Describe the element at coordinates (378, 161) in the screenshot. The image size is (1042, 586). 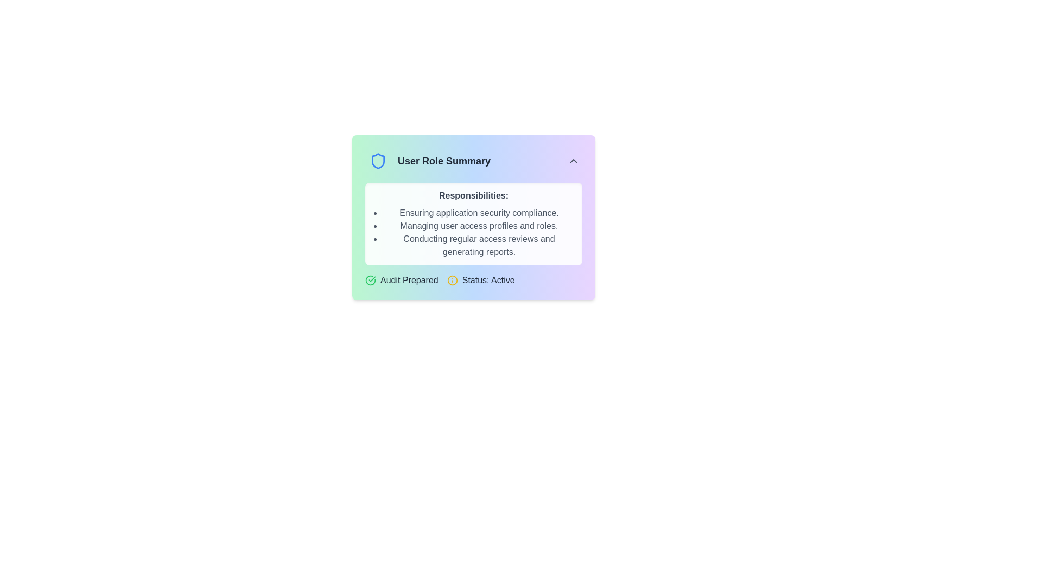
I see `the stylized shield icon outlined in blue, located within a light blue circular background, adjacent to the 'User Role Summary' heading` at that location.